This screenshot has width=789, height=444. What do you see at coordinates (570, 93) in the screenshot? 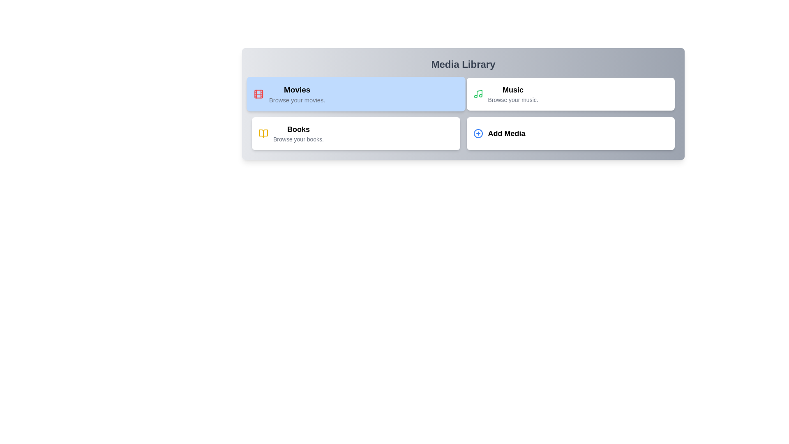
I see `the Music category to activate it` at bounding box center [570, 93].